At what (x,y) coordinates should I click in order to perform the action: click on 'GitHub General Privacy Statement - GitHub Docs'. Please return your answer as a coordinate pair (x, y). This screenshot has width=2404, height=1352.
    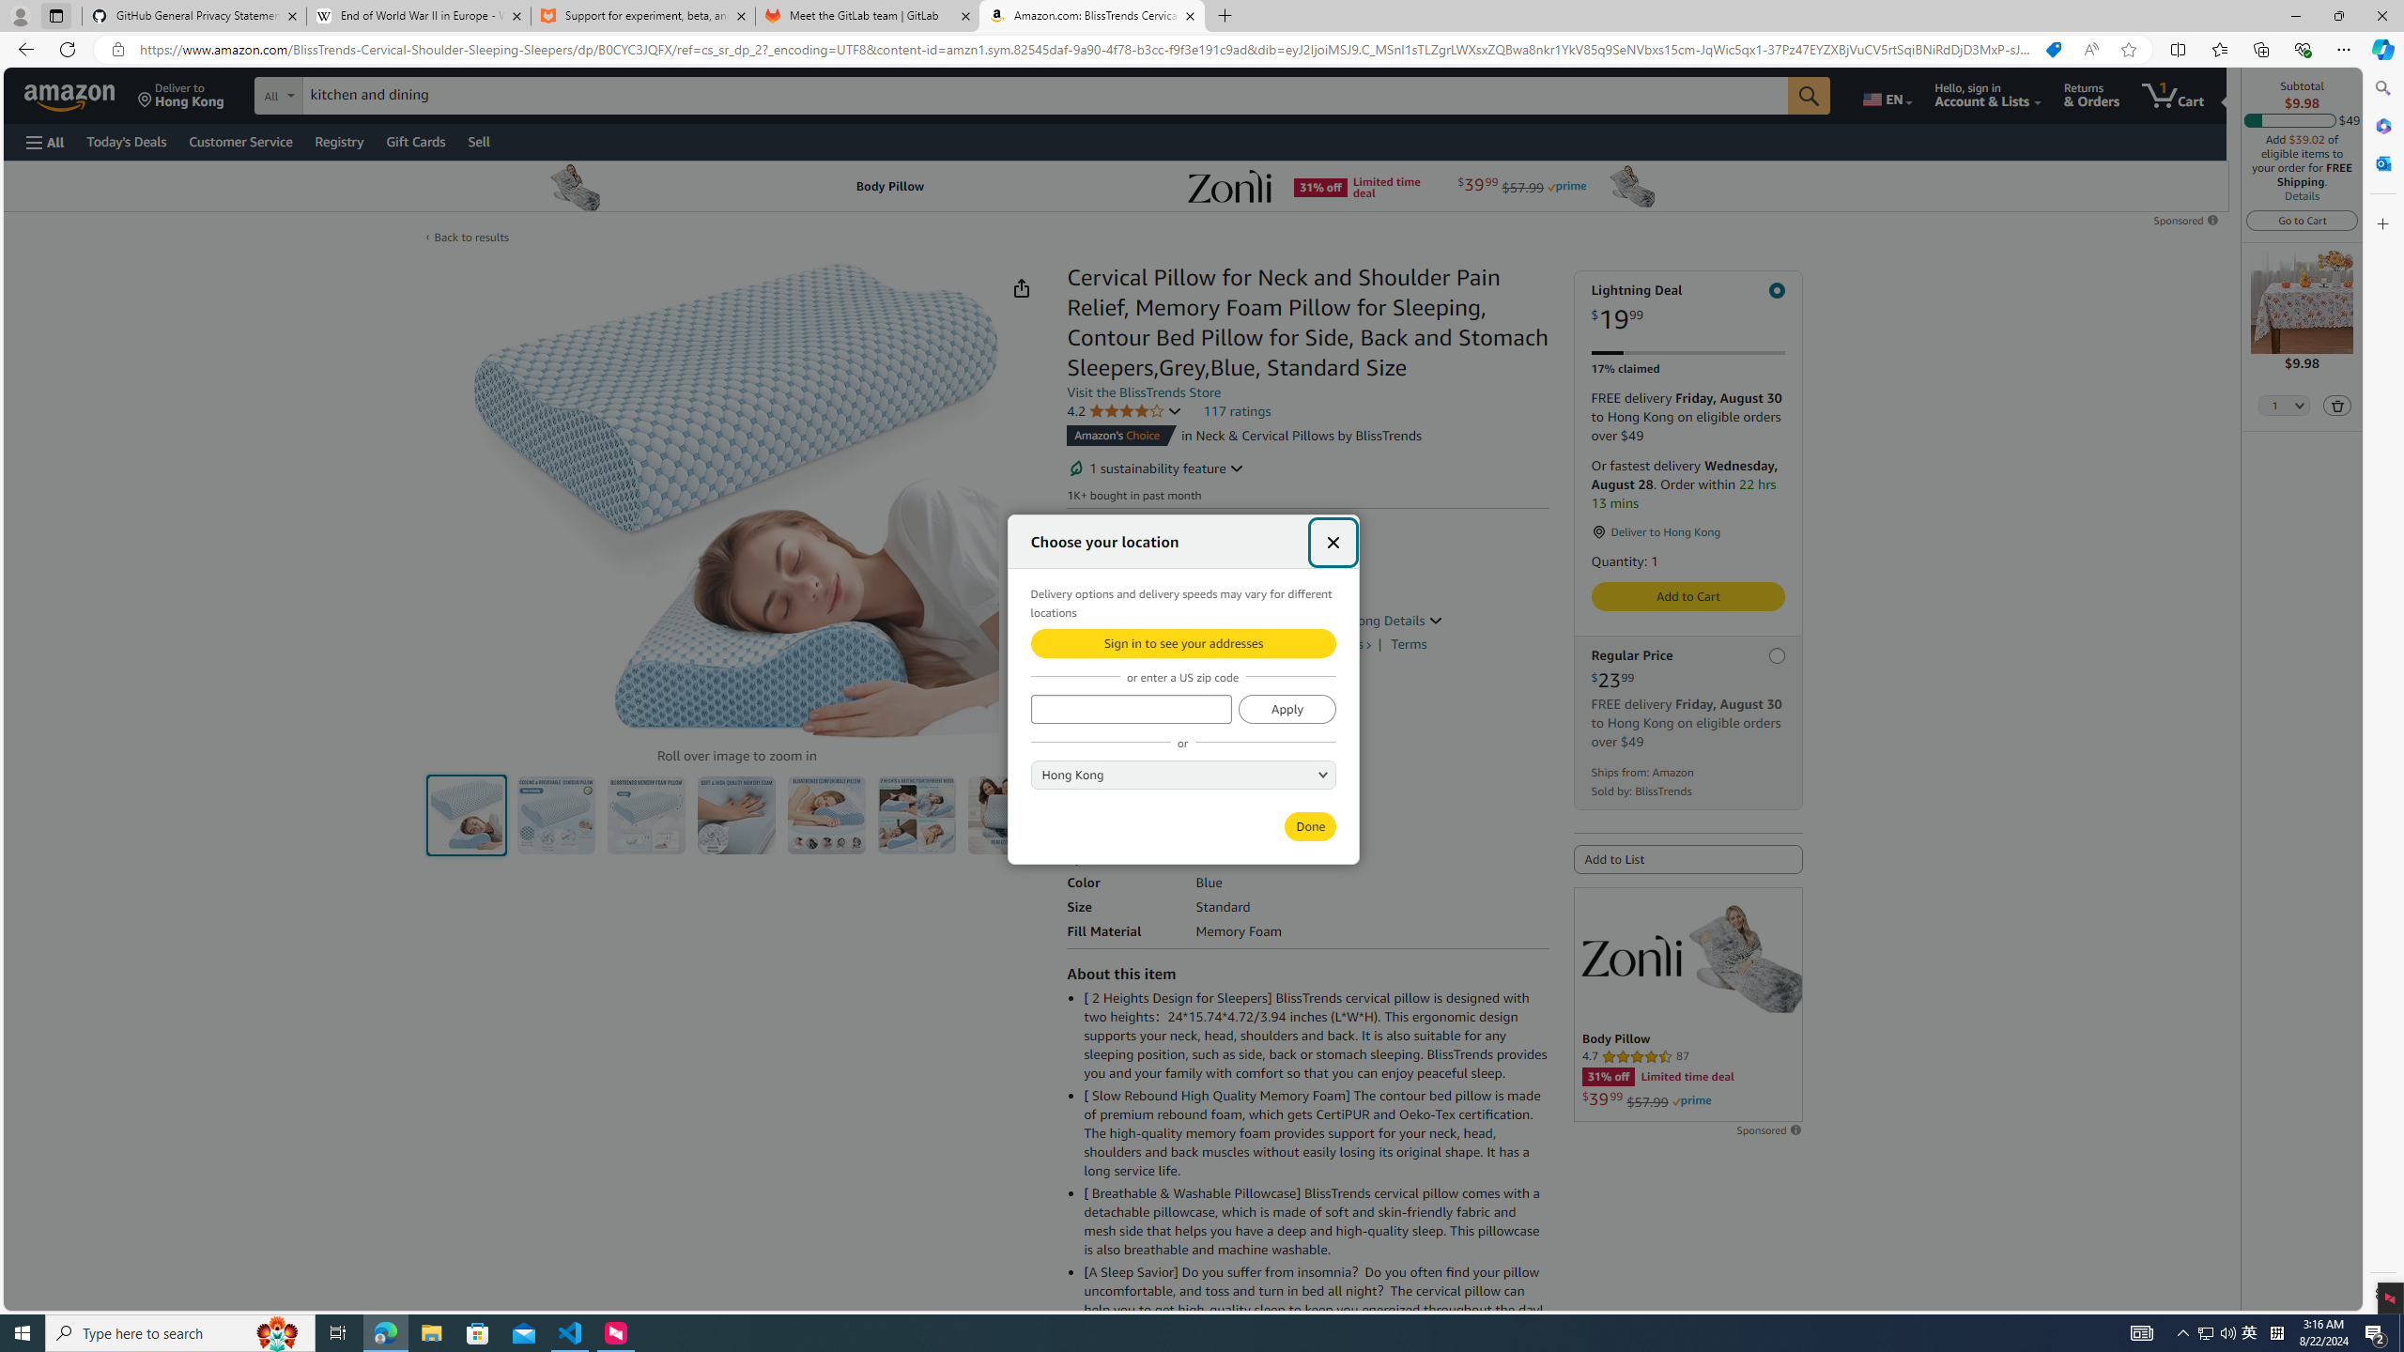
    Looking at the image, I should click on (194, 15).